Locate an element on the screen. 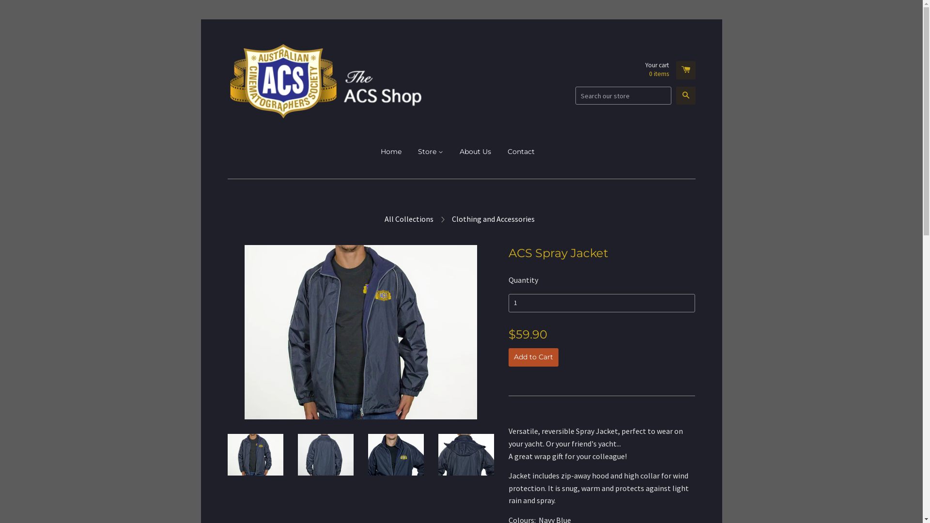  'Home' is located at coordinates (380, 151).